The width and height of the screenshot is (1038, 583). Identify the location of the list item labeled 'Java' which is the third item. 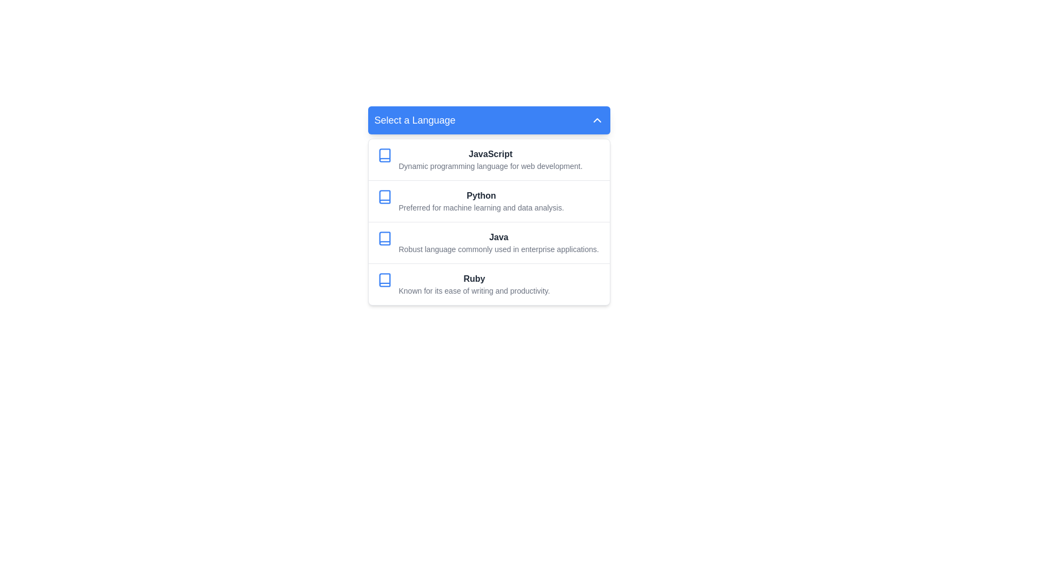
(498, 243).